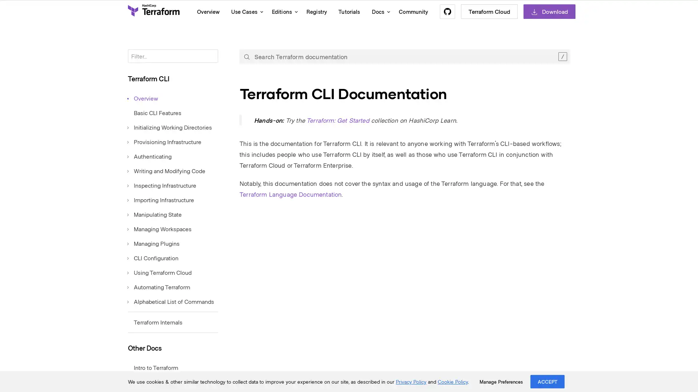  Describe the element at coordinates (171, 301) in the screenshot. I see `Alphabetical List of Commands` at that location.